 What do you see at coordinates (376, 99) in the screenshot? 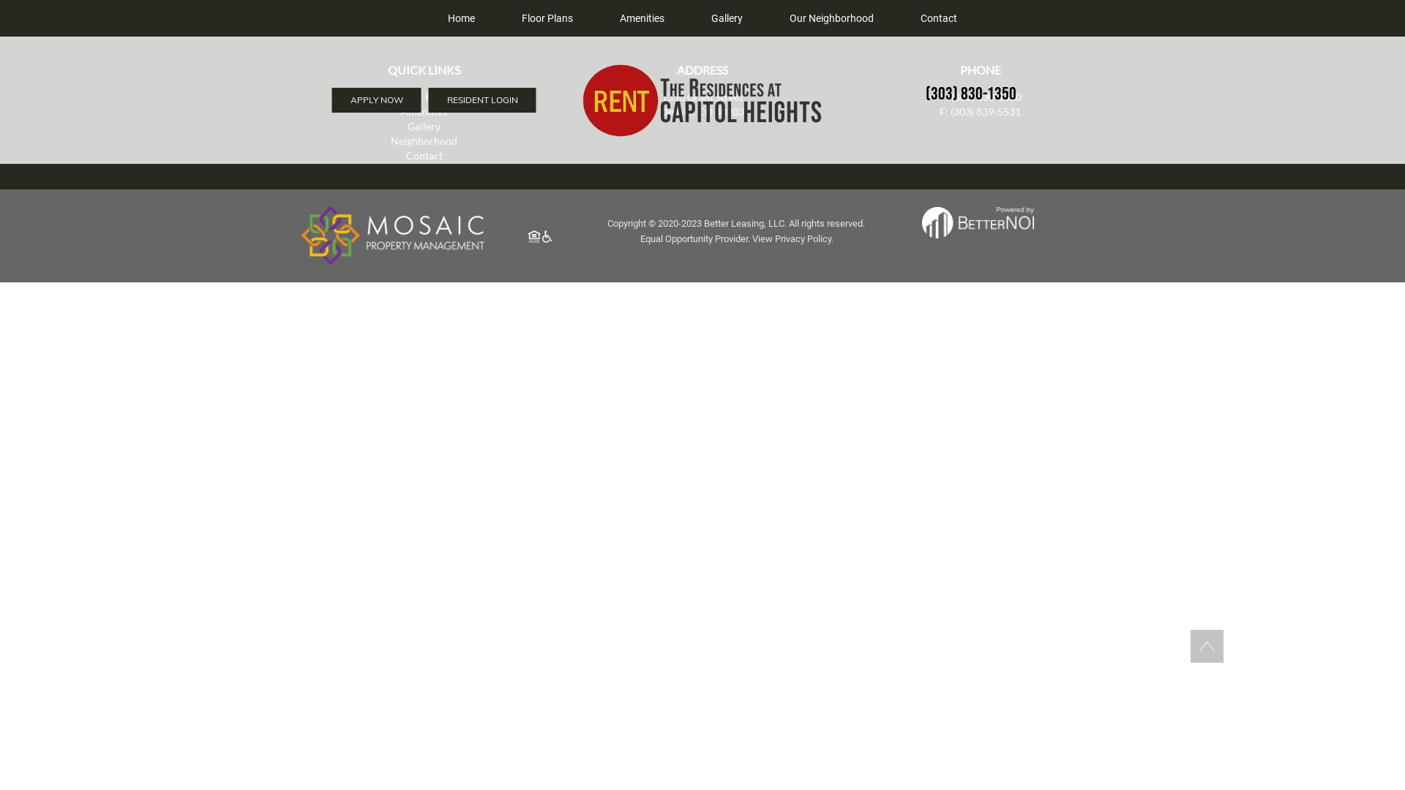
I see `'APPLY NOW'` at bounding box center [376, 99].